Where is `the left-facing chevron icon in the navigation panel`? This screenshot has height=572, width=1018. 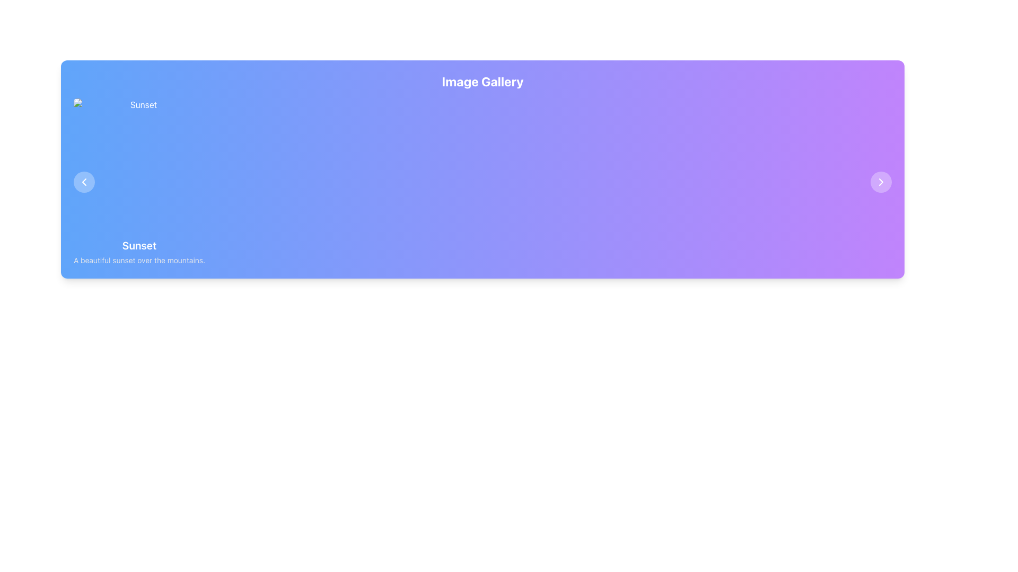
the left-facing chevron icon in the navigation panel is located at coordinates (83, 181).